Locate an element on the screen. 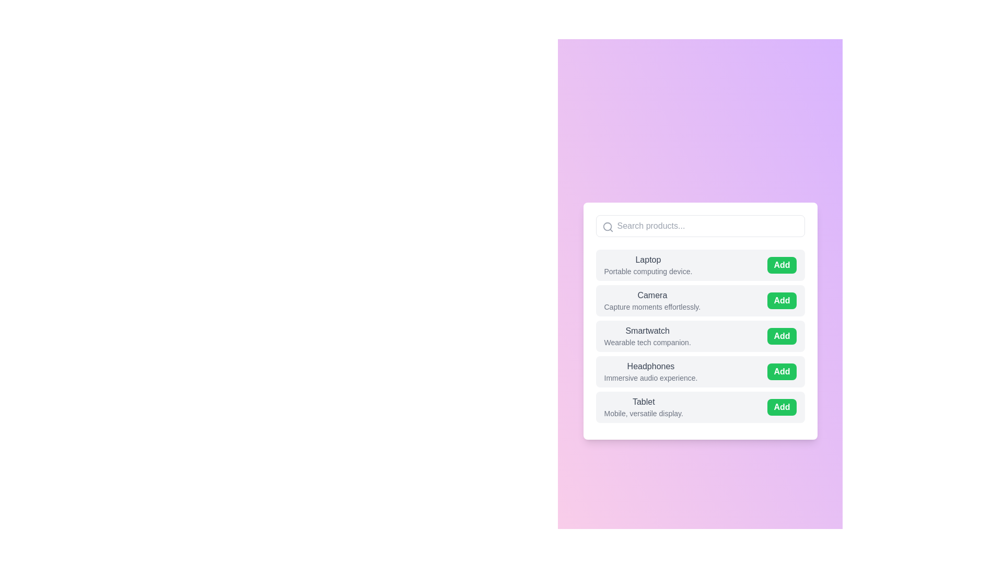 The width and height of the screenshot is (1003, 564). 'Camera' label text which is positioned above the description text 'Capture moments effortlessly.' and below the previous card's text 'Laptop' in the second card item of the vertical list of products is located at coordinates (651, 296).